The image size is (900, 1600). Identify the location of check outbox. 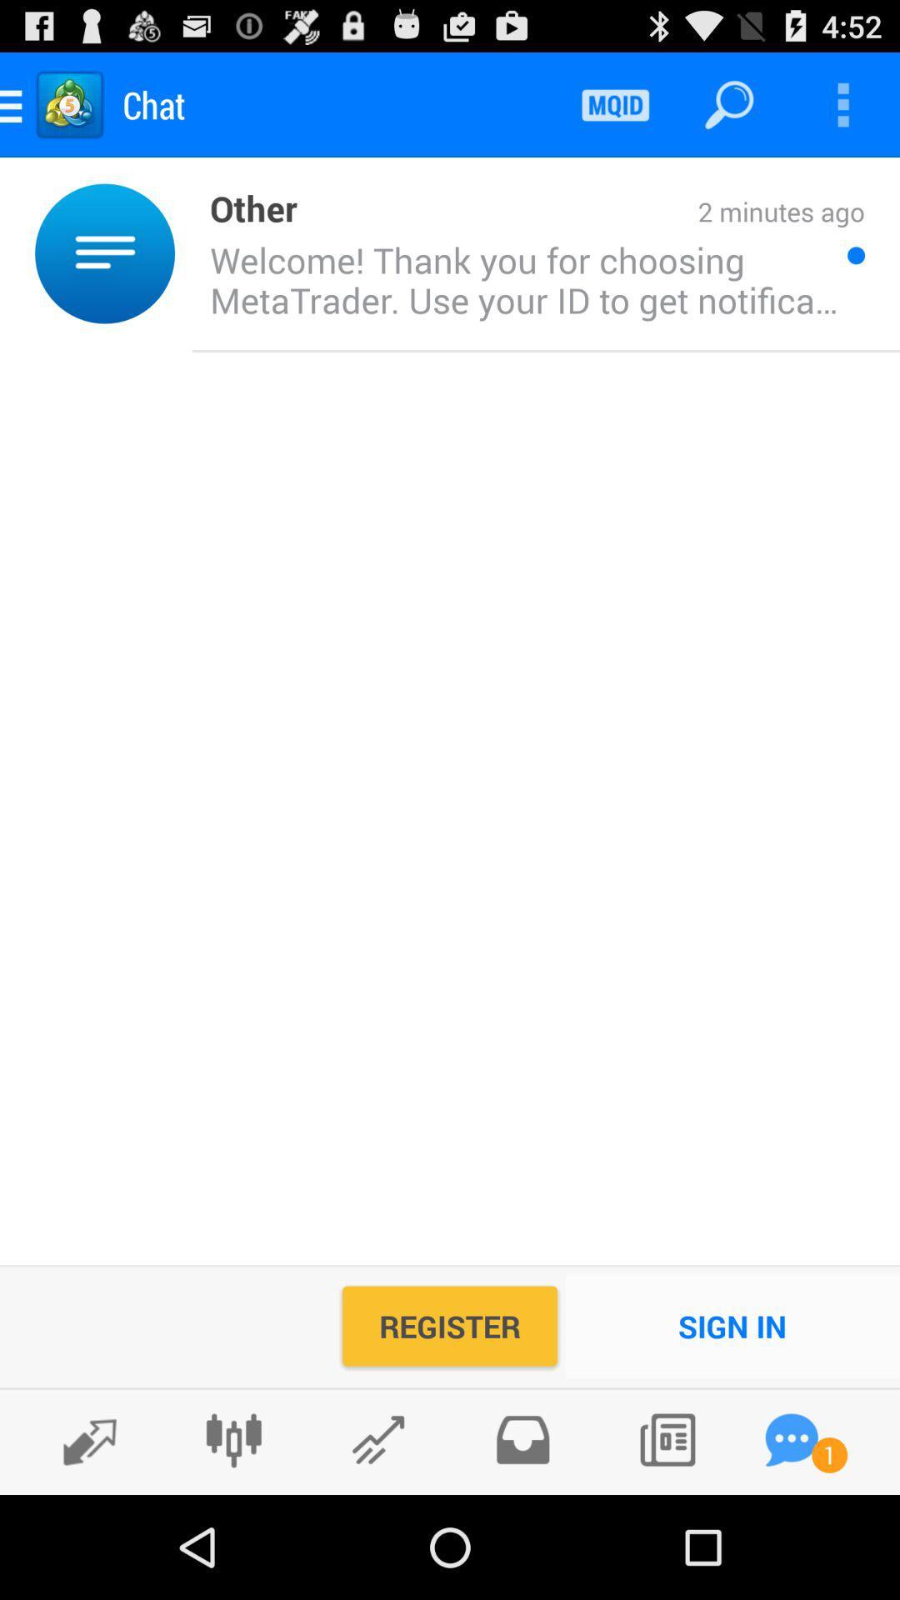
(522, 1439).